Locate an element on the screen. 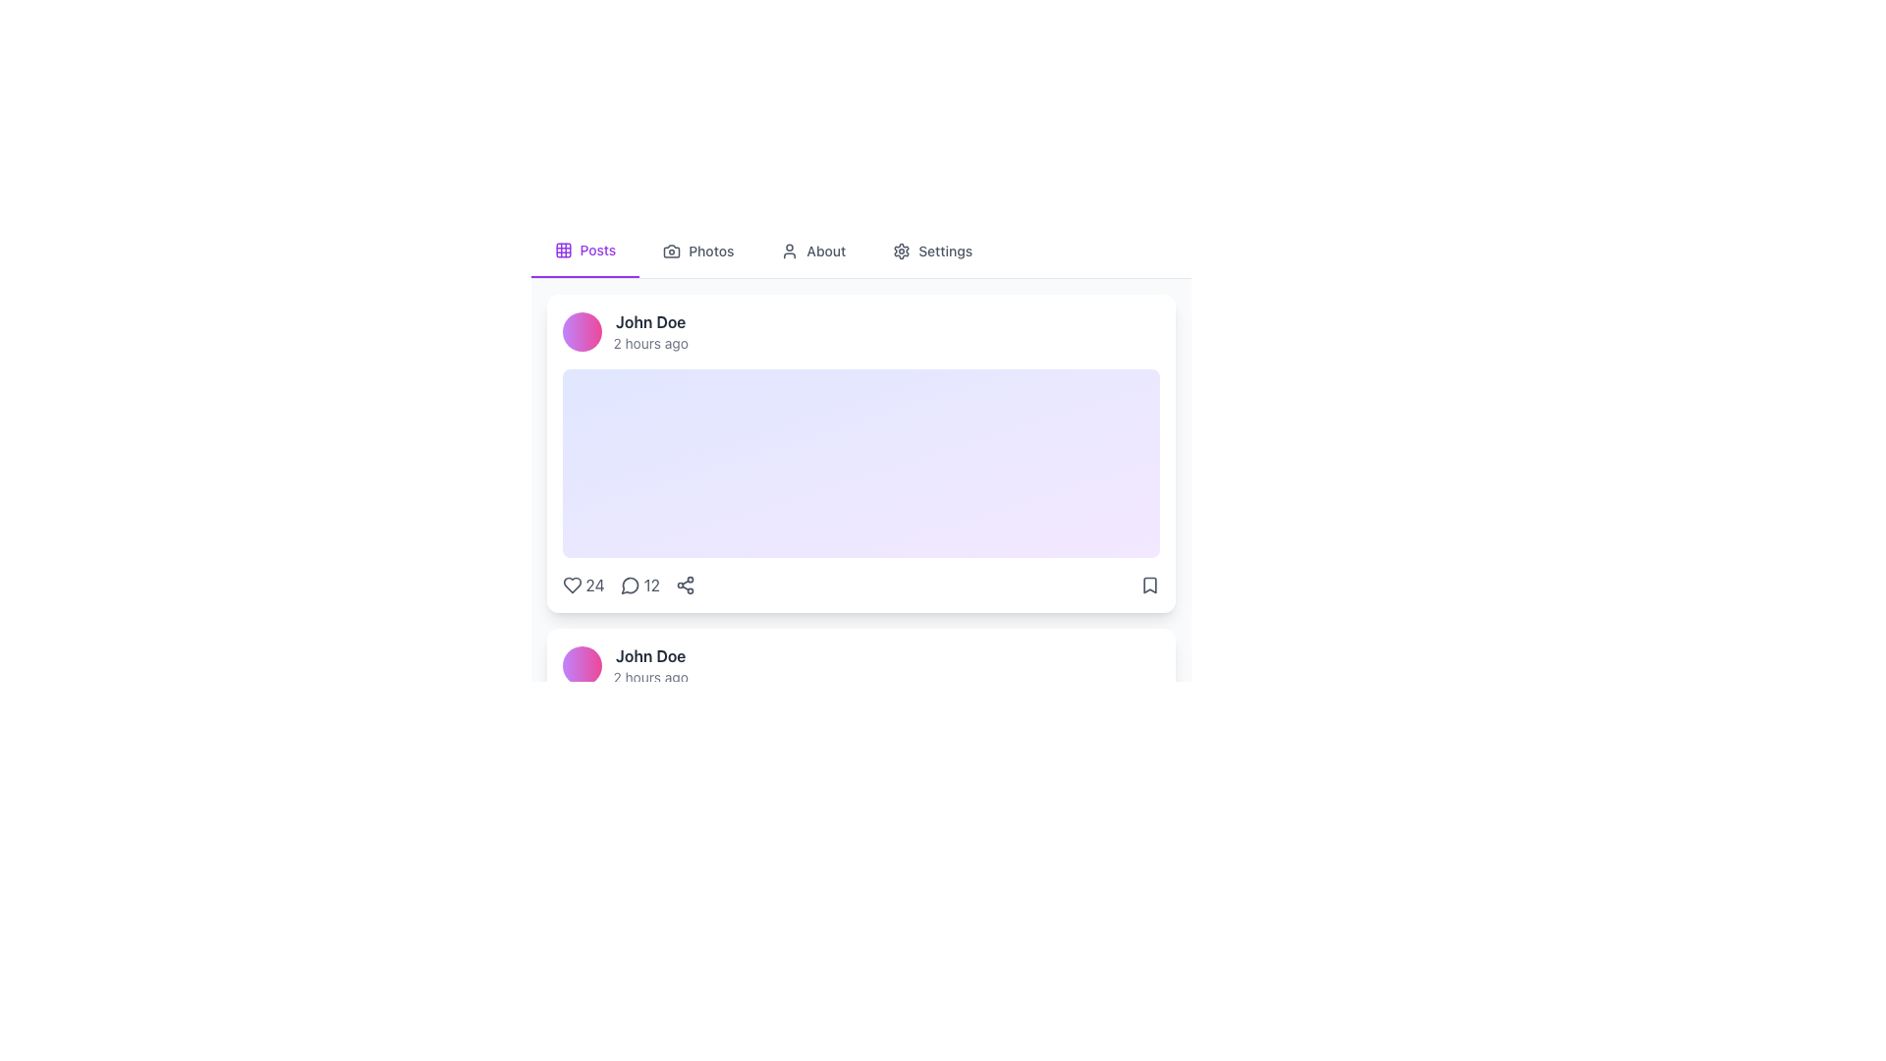 Image resolution: width=1886 pixels, height=1061 pixels. the interactive badge displaying the number '12' next to the speech bubble icon, which triggers actions related to comments is located at coordinates (639, 585).